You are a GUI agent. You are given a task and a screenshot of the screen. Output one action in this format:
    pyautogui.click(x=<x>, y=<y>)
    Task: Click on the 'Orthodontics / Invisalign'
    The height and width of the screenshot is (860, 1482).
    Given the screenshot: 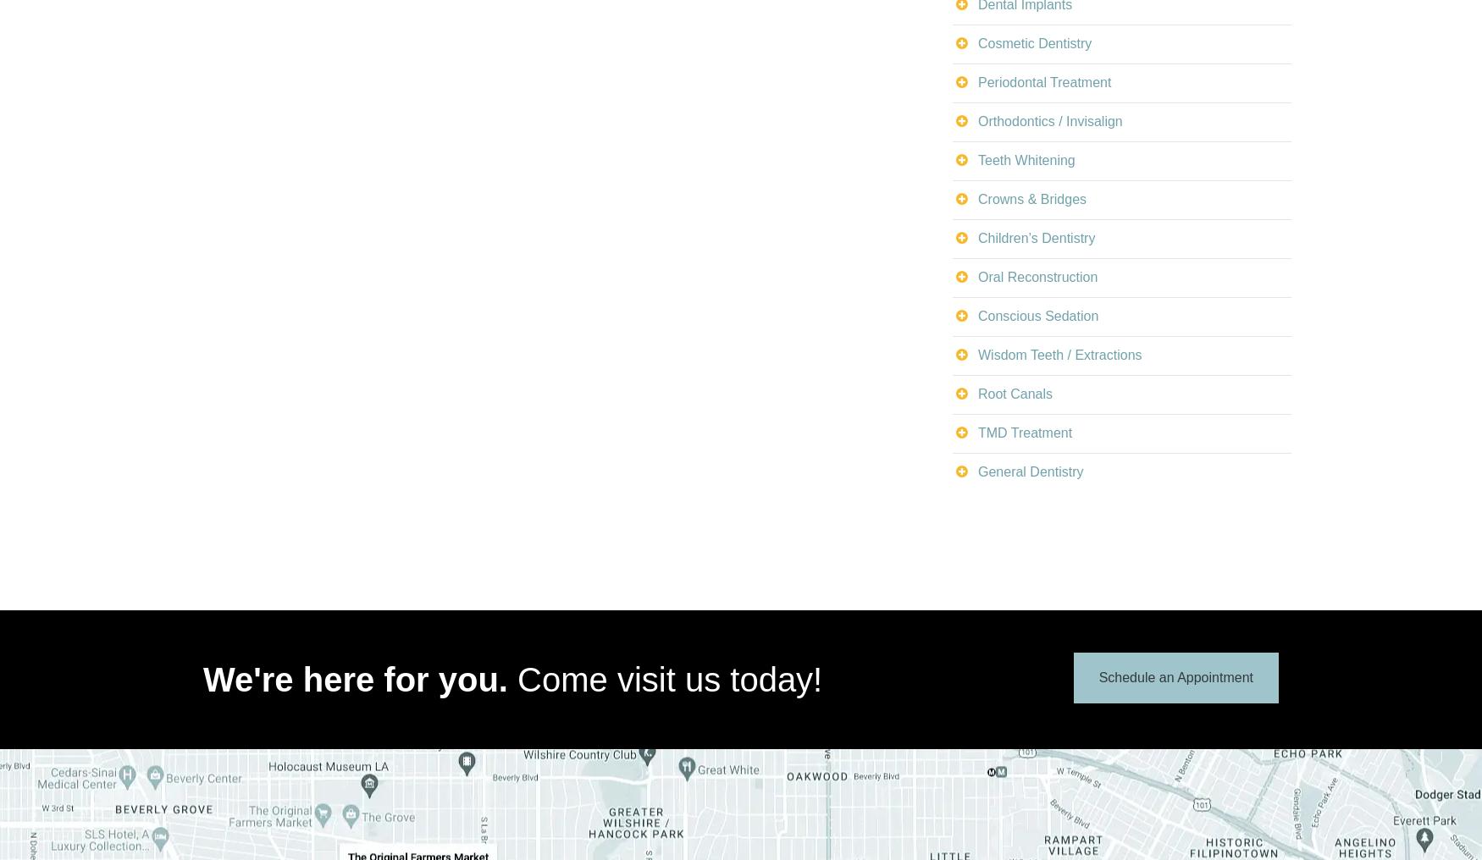 What is the action you would take?
    pyautogui.click(x=1050, y=119)
    